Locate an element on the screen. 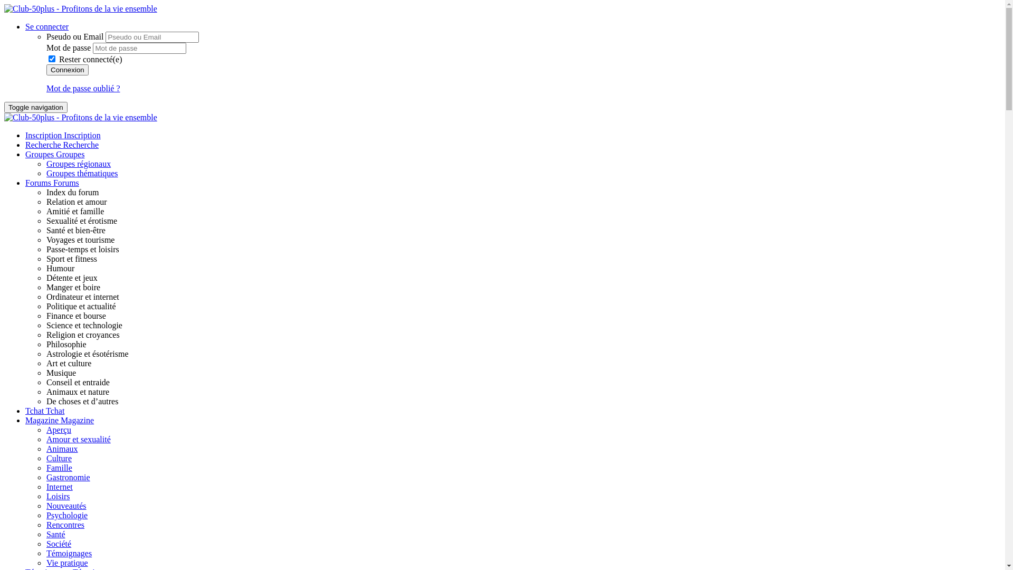  'Sport et fitness' is located at coordinates (71, 259).